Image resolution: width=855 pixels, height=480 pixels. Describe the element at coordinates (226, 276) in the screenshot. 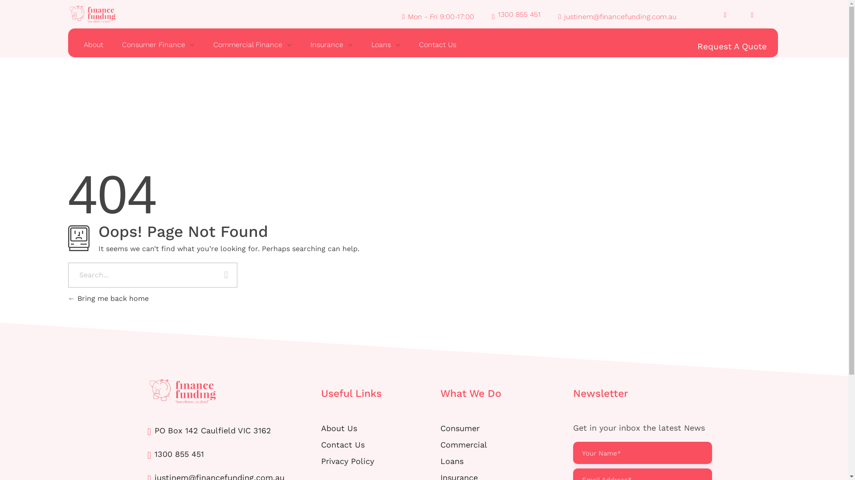

I see `'Search'` at that location.